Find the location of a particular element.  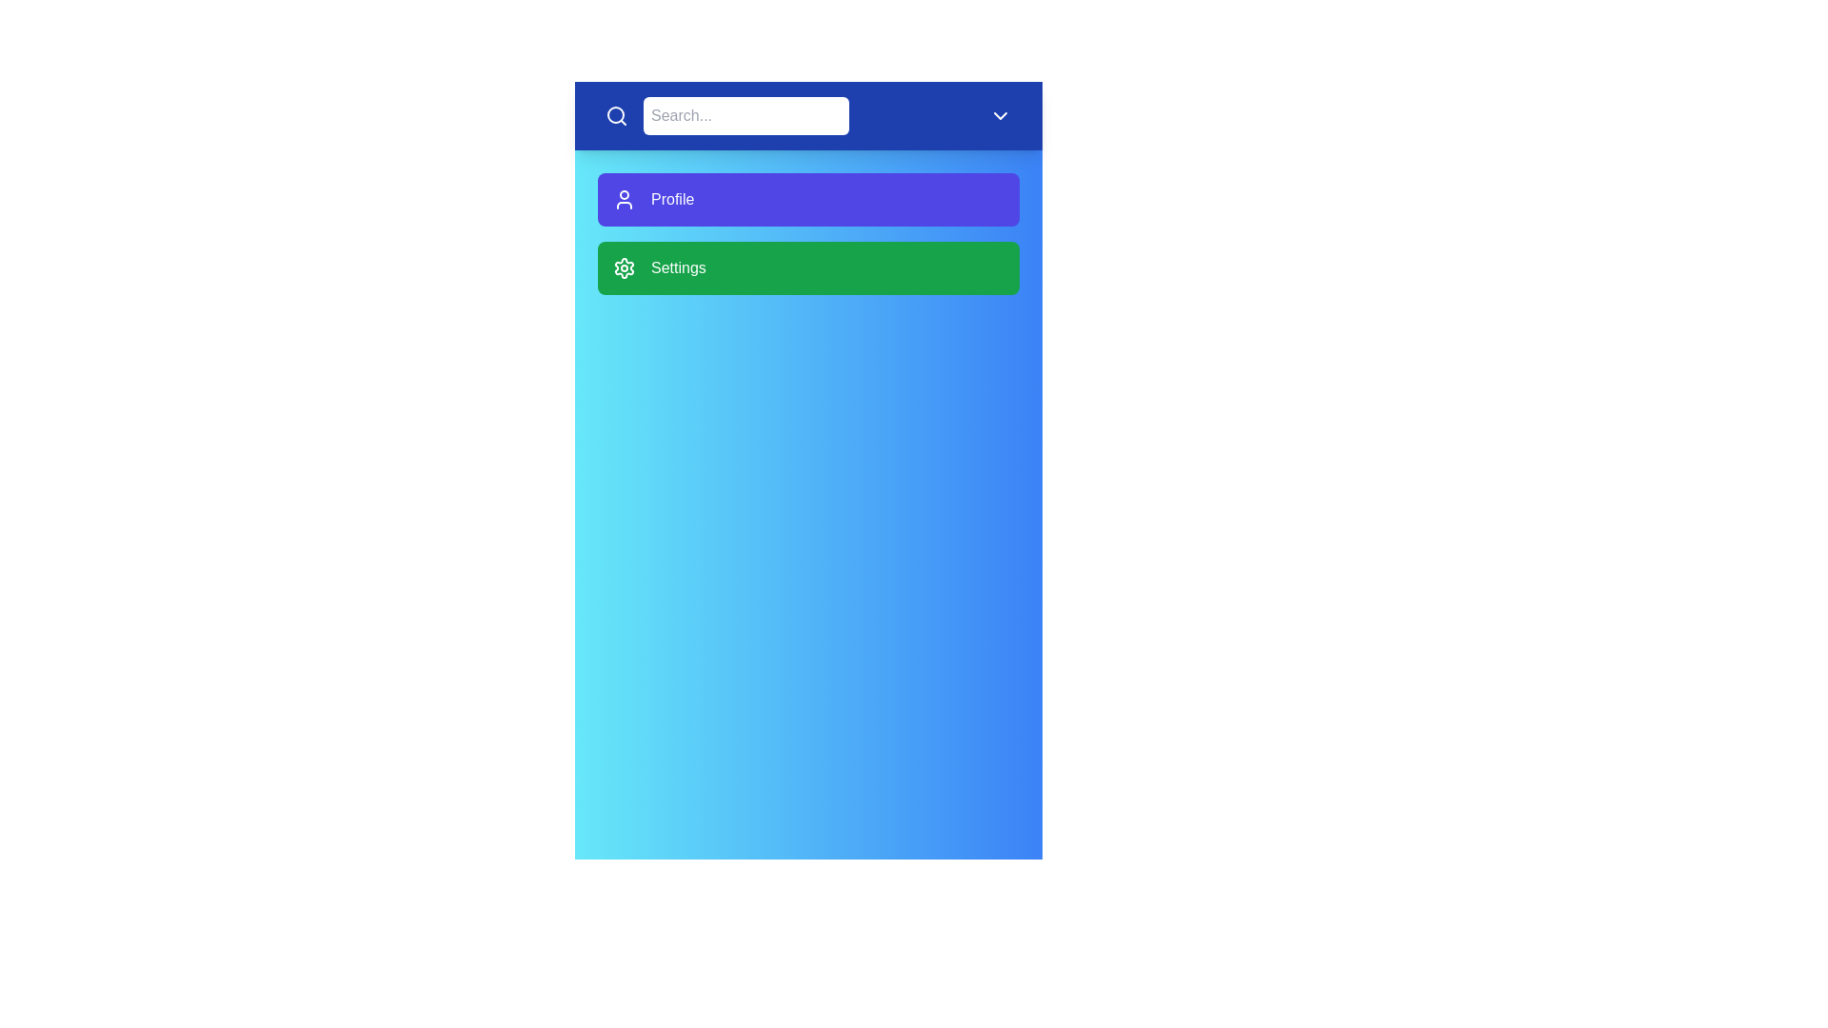

the header to toggle the menu's visibility is located at coordinates (808, 116).